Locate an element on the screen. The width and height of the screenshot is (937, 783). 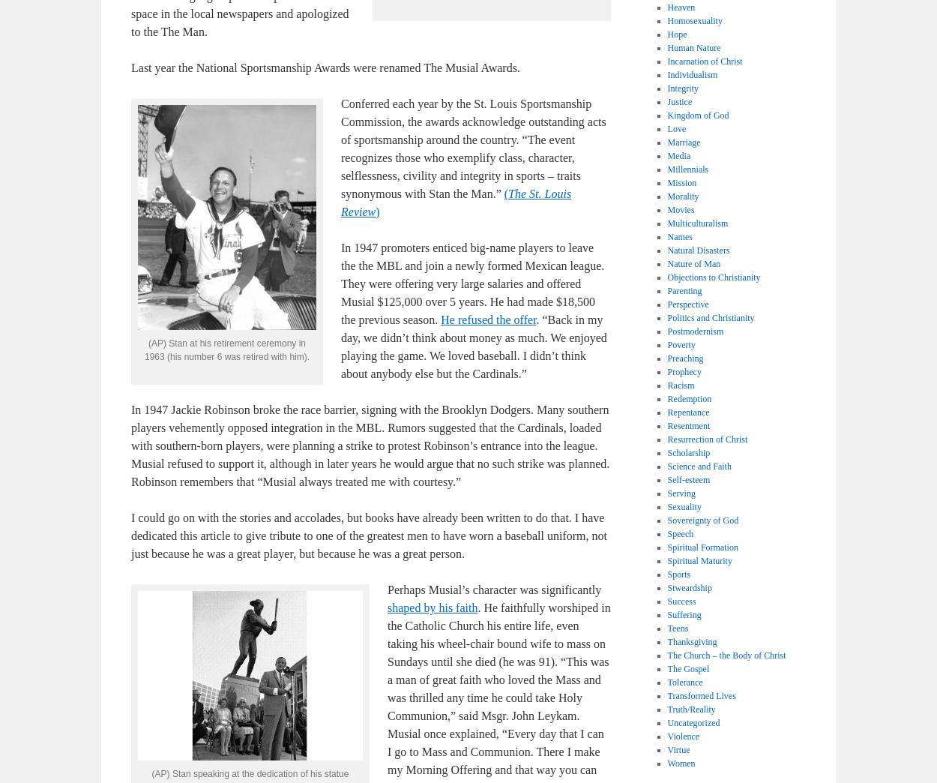
'The Church – the Body of Christ' is located at coordinates (726, 655).